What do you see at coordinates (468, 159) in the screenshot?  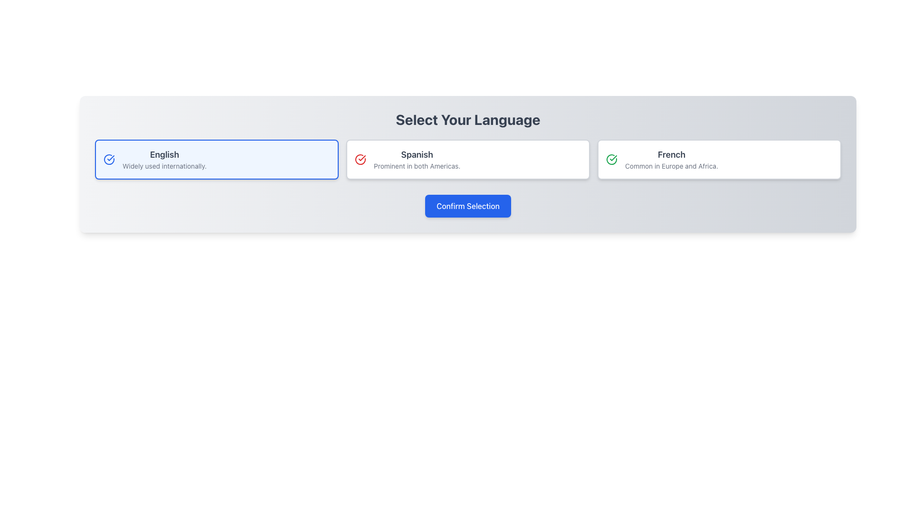 I see `the Spanish language selection button located in the second column of the three-column grid, positioned between the 'English' and 'French' cards` at bounding box center [468, 159].